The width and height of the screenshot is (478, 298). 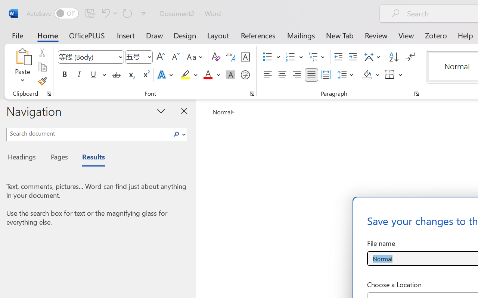 I want to click on 'Font Color', so click(x=211, y=75).